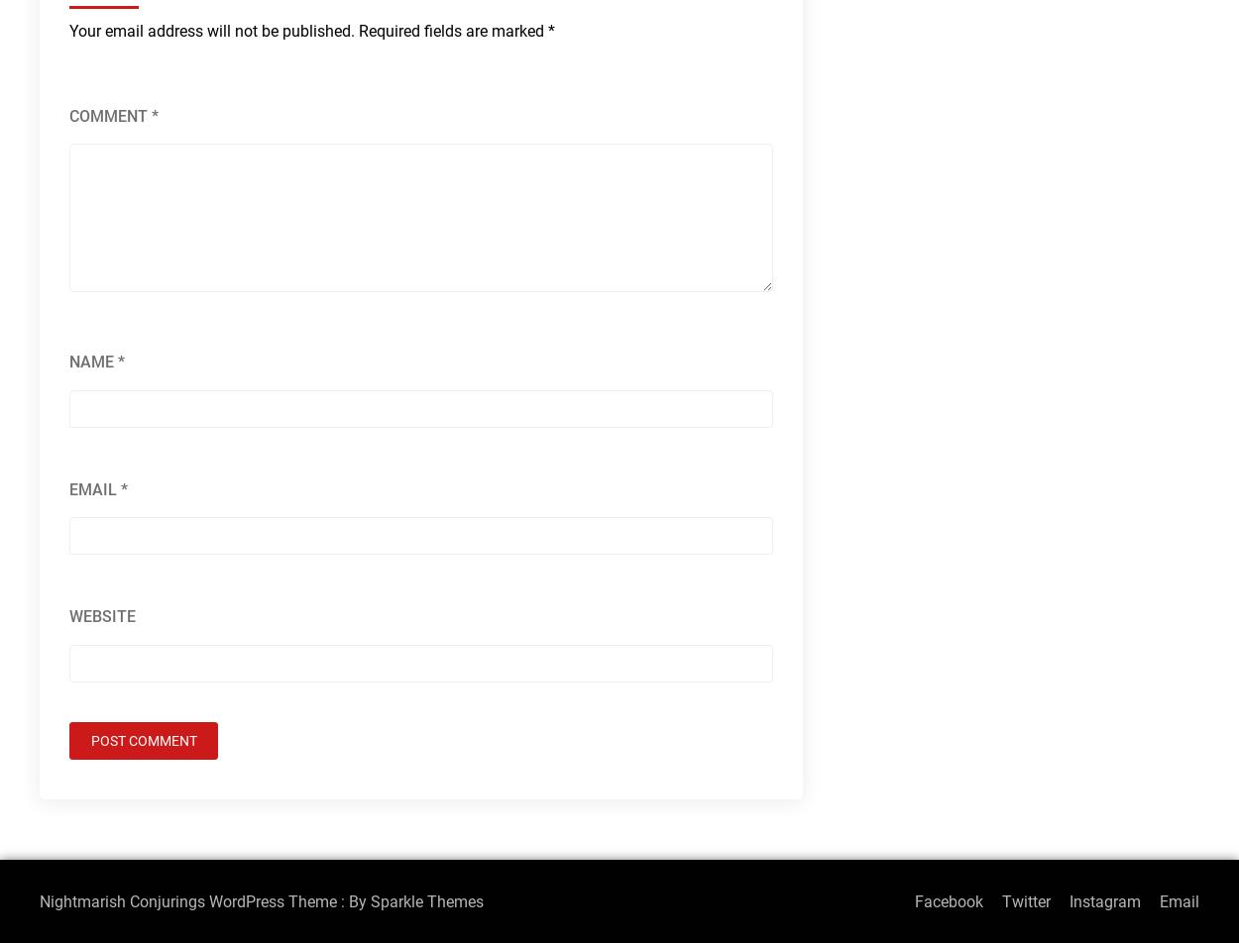  I want to click on 'Your email address will not be published.', so click(211, 31).